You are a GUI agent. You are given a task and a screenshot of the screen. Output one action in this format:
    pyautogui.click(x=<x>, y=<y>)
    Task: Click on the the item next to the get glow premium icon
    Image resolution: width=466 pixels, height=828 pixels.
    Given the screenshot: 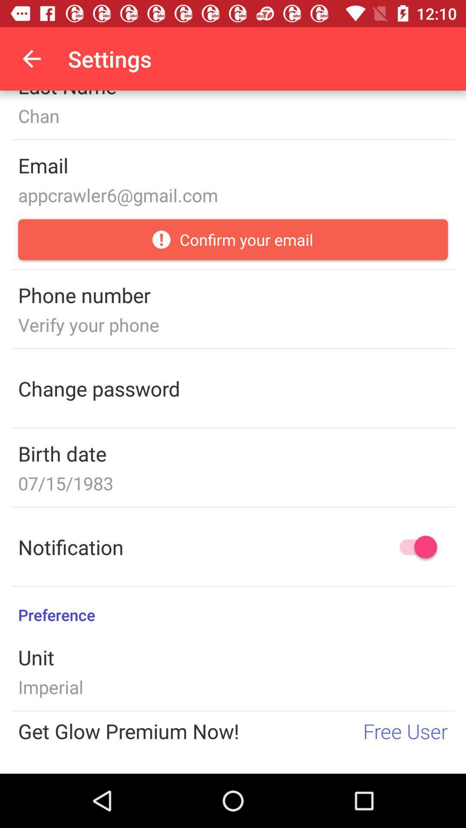 What is the action you would take?
    pyautogui.click(x=405, y=731)
    